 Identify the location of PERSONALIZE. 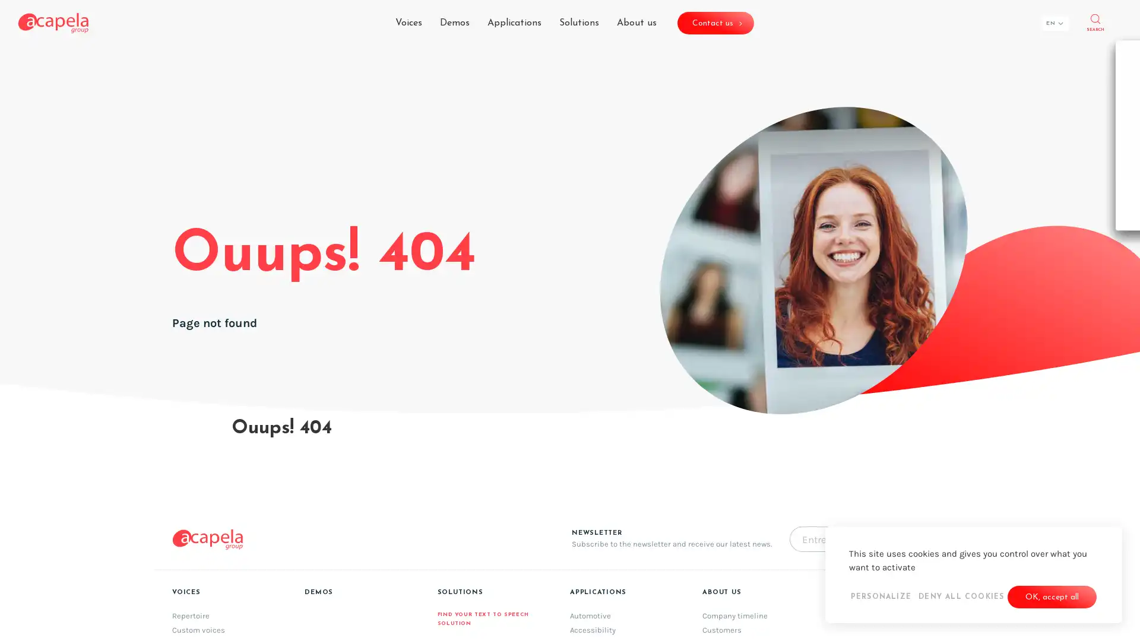
(881, 597).